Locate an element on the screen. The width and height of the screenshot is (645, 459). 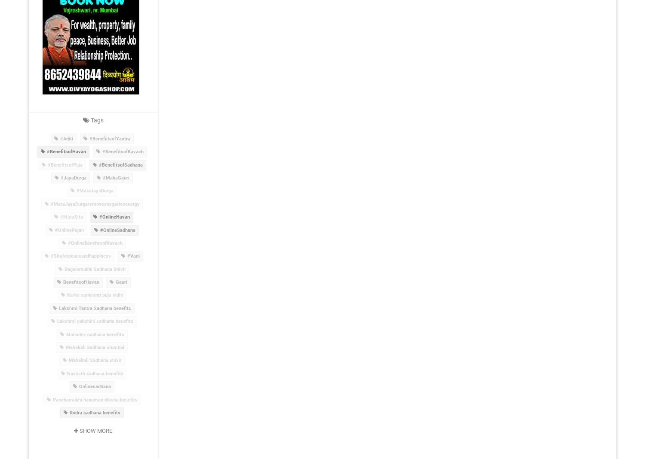
'Bagalamukhi Sadhana Shivir' is located at coordinates (64, 269).